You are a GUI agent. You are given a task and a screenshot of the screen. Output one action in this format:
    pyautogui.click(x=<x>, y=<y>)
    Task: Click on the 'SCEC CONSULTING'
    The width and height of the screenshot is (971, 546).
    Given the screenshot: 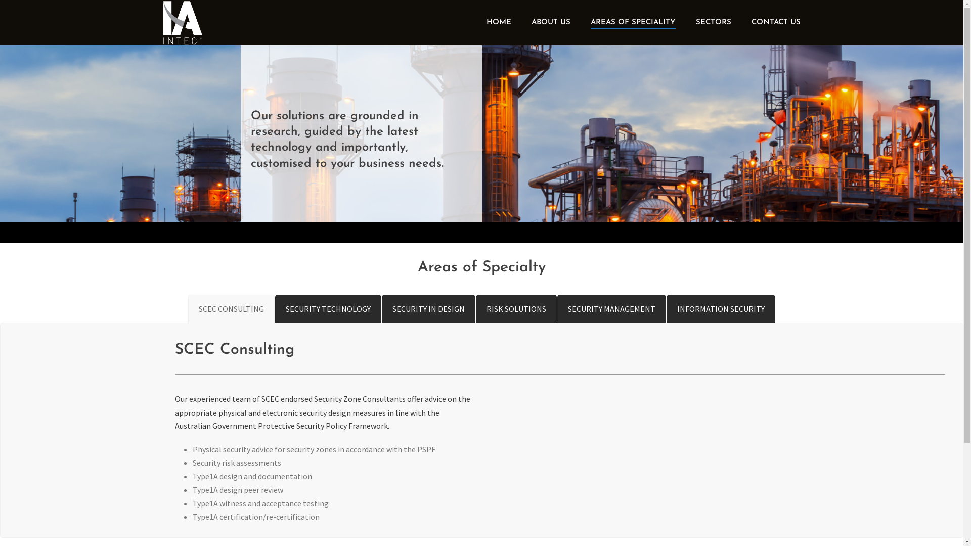 What is the action you would take?
    pyautogui.click(x=231, y=308)
    